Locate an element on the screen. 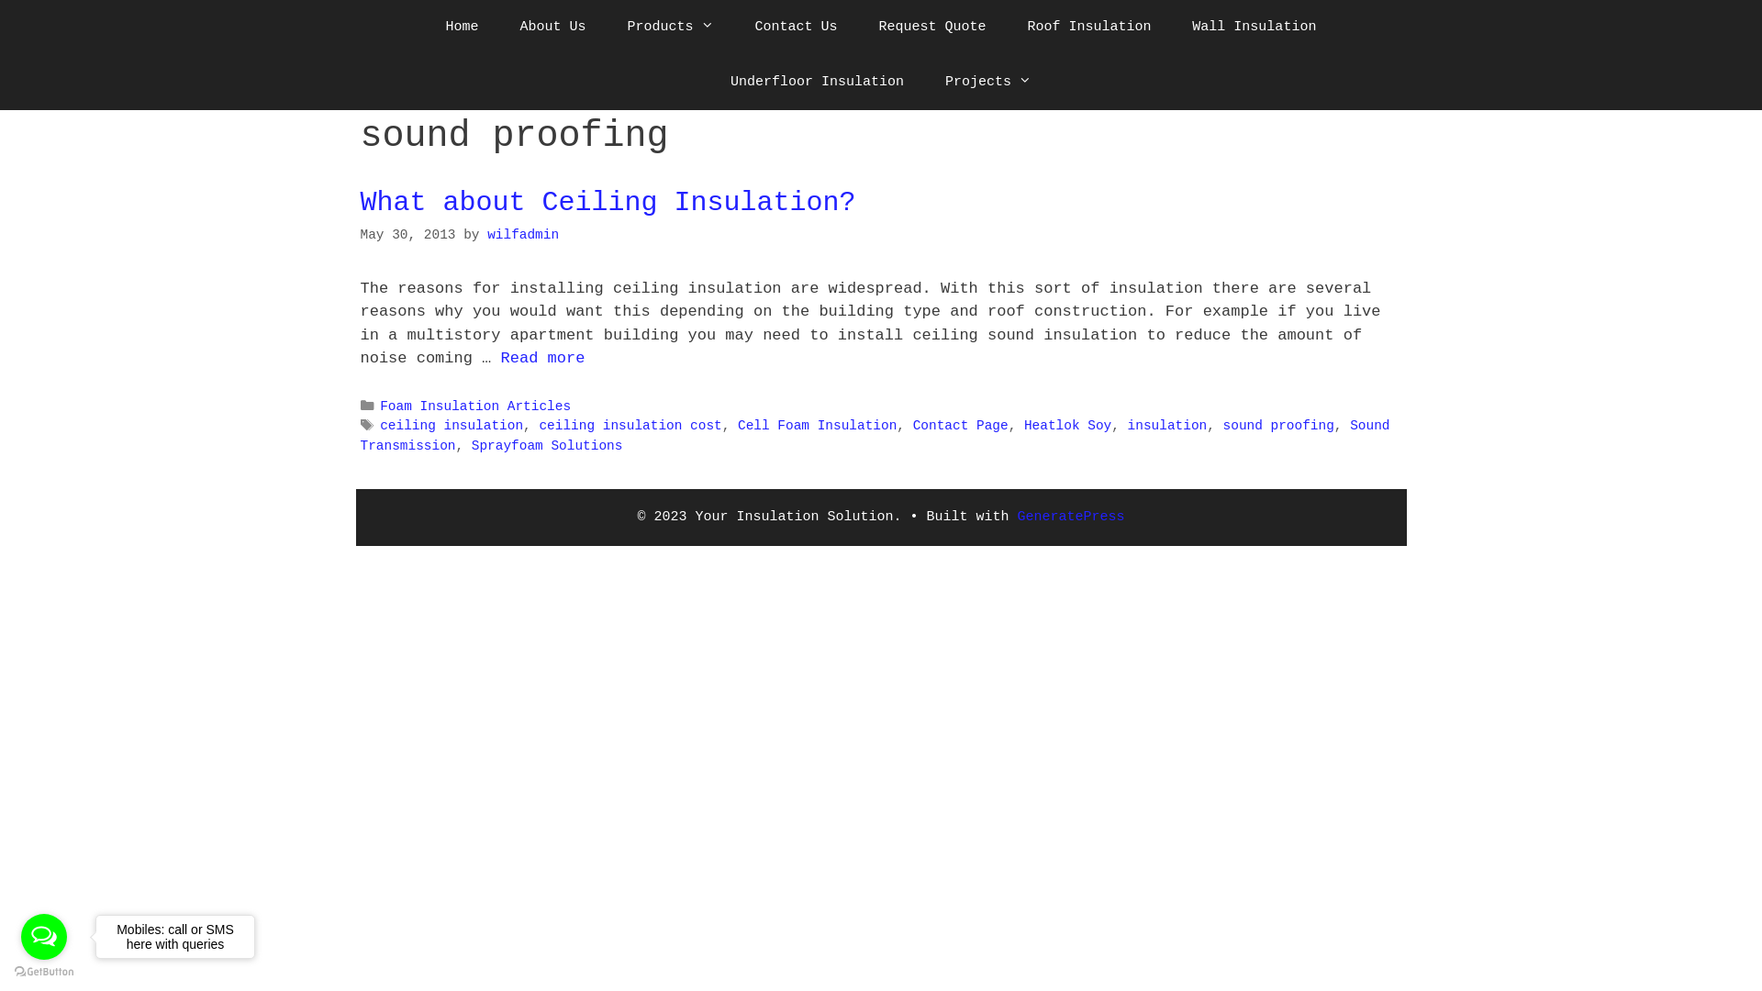 The image size is (1762, 991). 'sound proofing' is located at coordinates (1277, 425).